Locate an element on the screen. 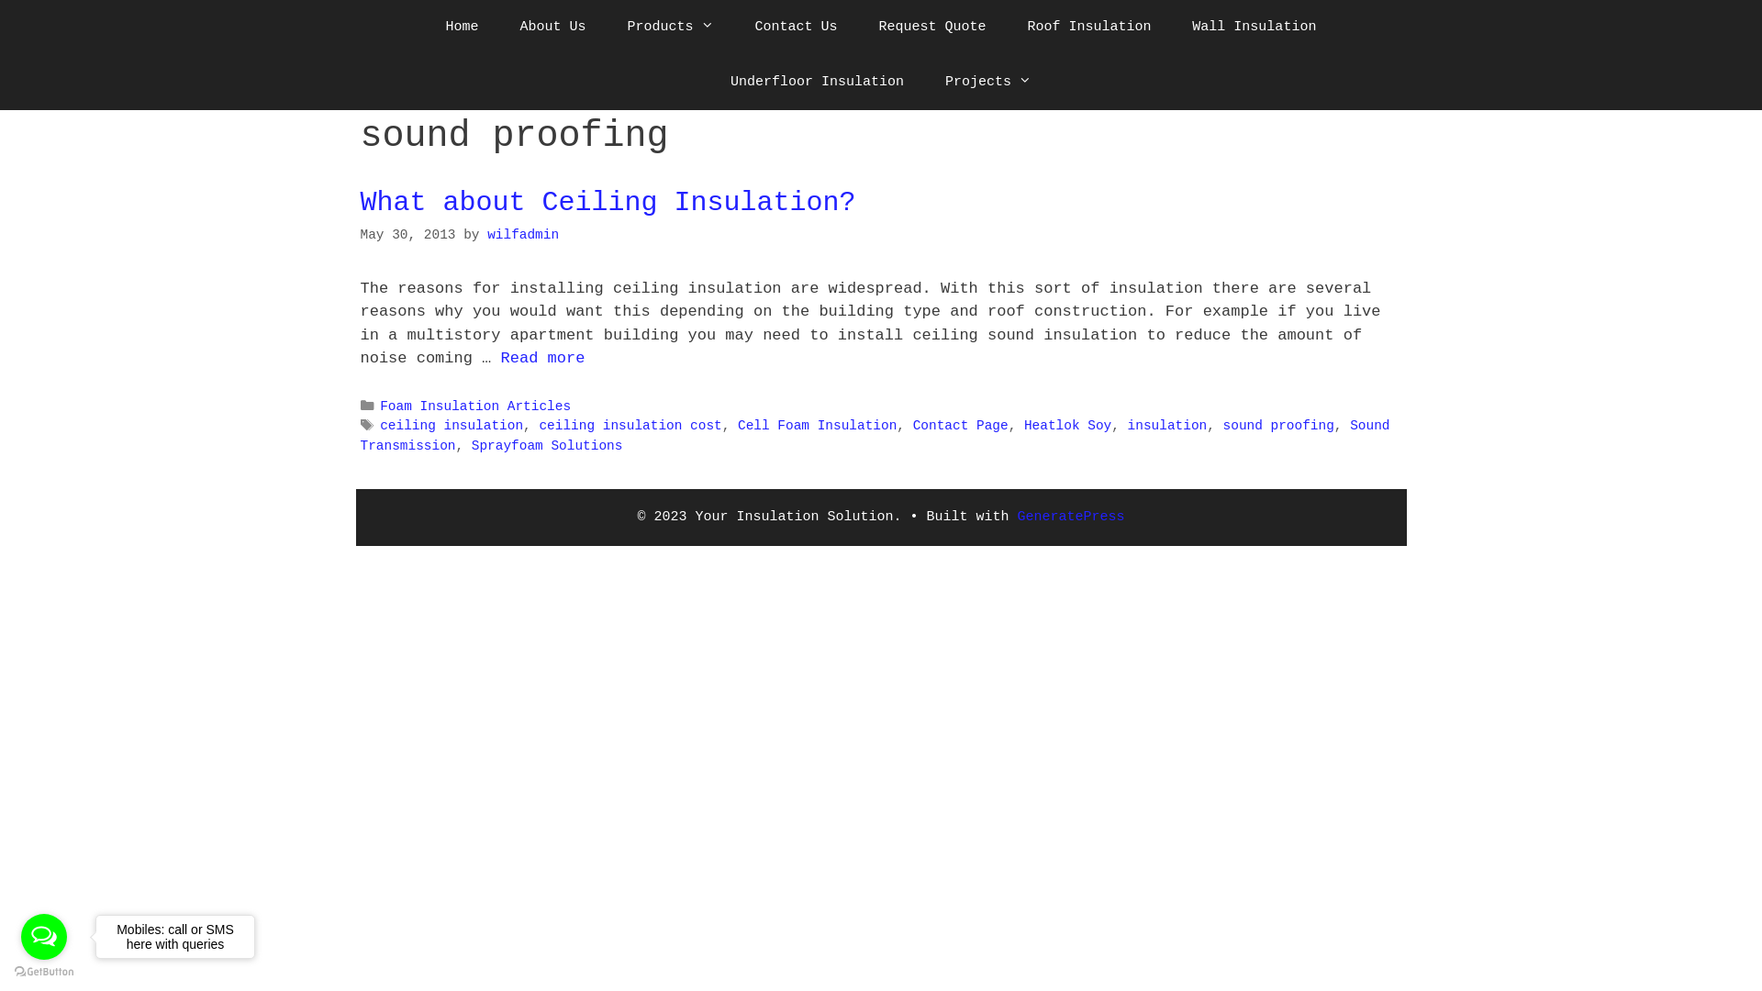 The image size is (1762, 991). 'sound proofing' is located at coordinates (1277, 425).